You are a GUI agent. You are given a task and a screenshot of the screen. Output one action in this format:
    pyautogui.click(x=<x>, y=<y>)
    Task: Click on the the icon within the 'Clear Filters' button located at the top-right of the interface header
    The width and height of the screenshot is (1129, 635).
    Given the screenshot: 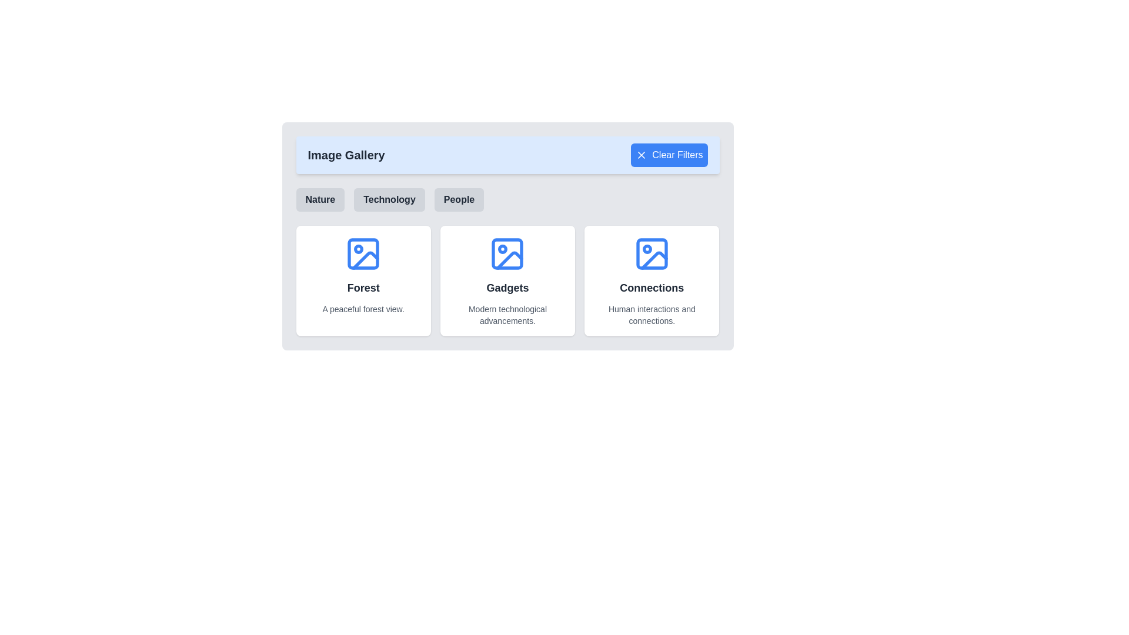 What is the action you would take?
    pyautogui.click(x=640, y=154)
    